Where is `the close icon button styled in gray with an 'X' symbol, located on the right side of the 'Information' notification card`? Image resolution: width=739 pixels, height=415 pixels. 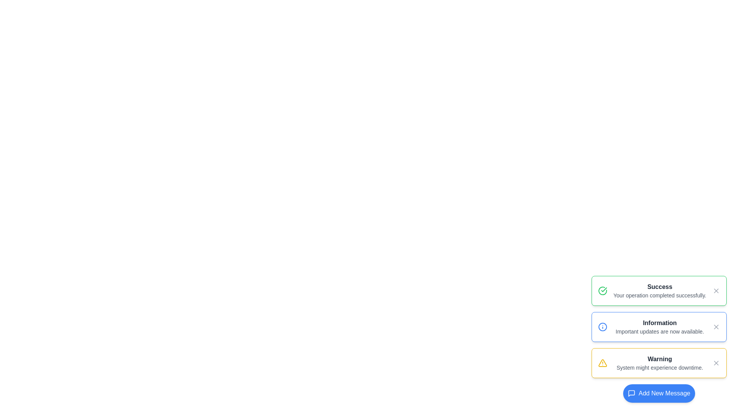 the close icon button styled in gray with an 'X' symbol, located on the right side of the 'Information' notification card is located at coordinates (716, 327).